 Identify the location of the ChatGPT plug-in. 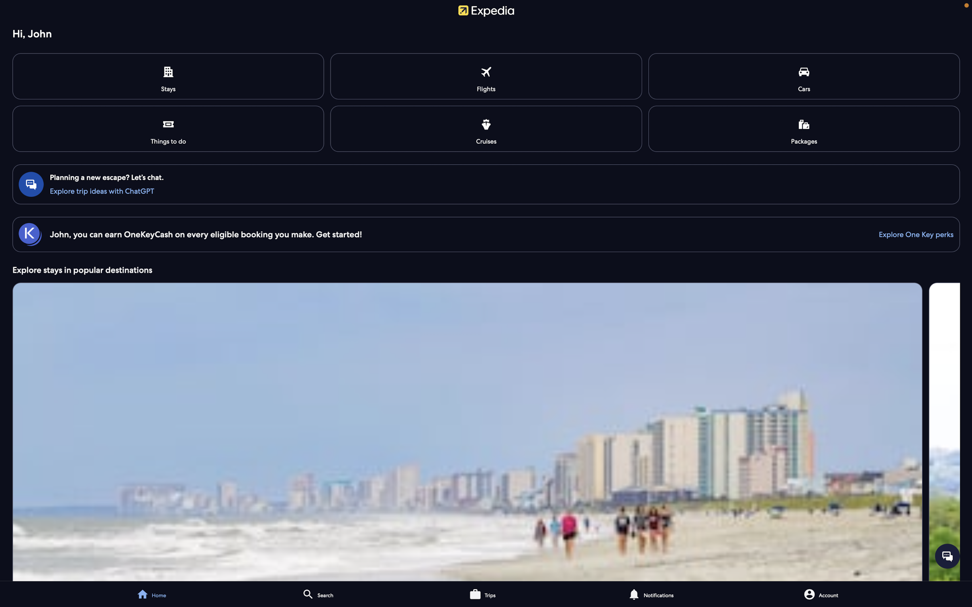
(487, 190).